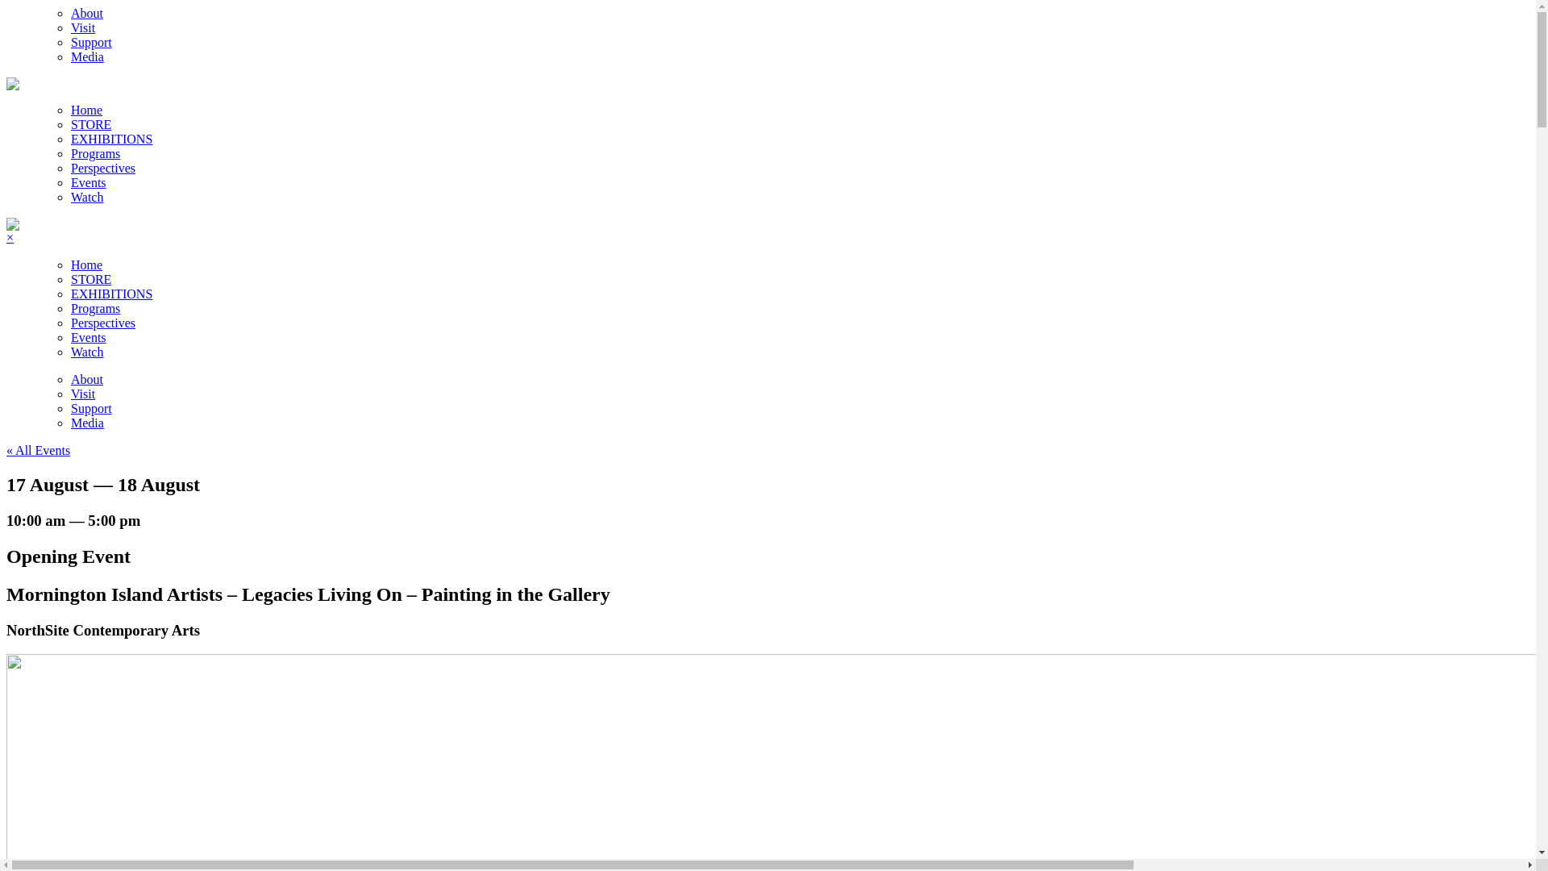  I want to click on 'Perspectives', so click(102, 323).